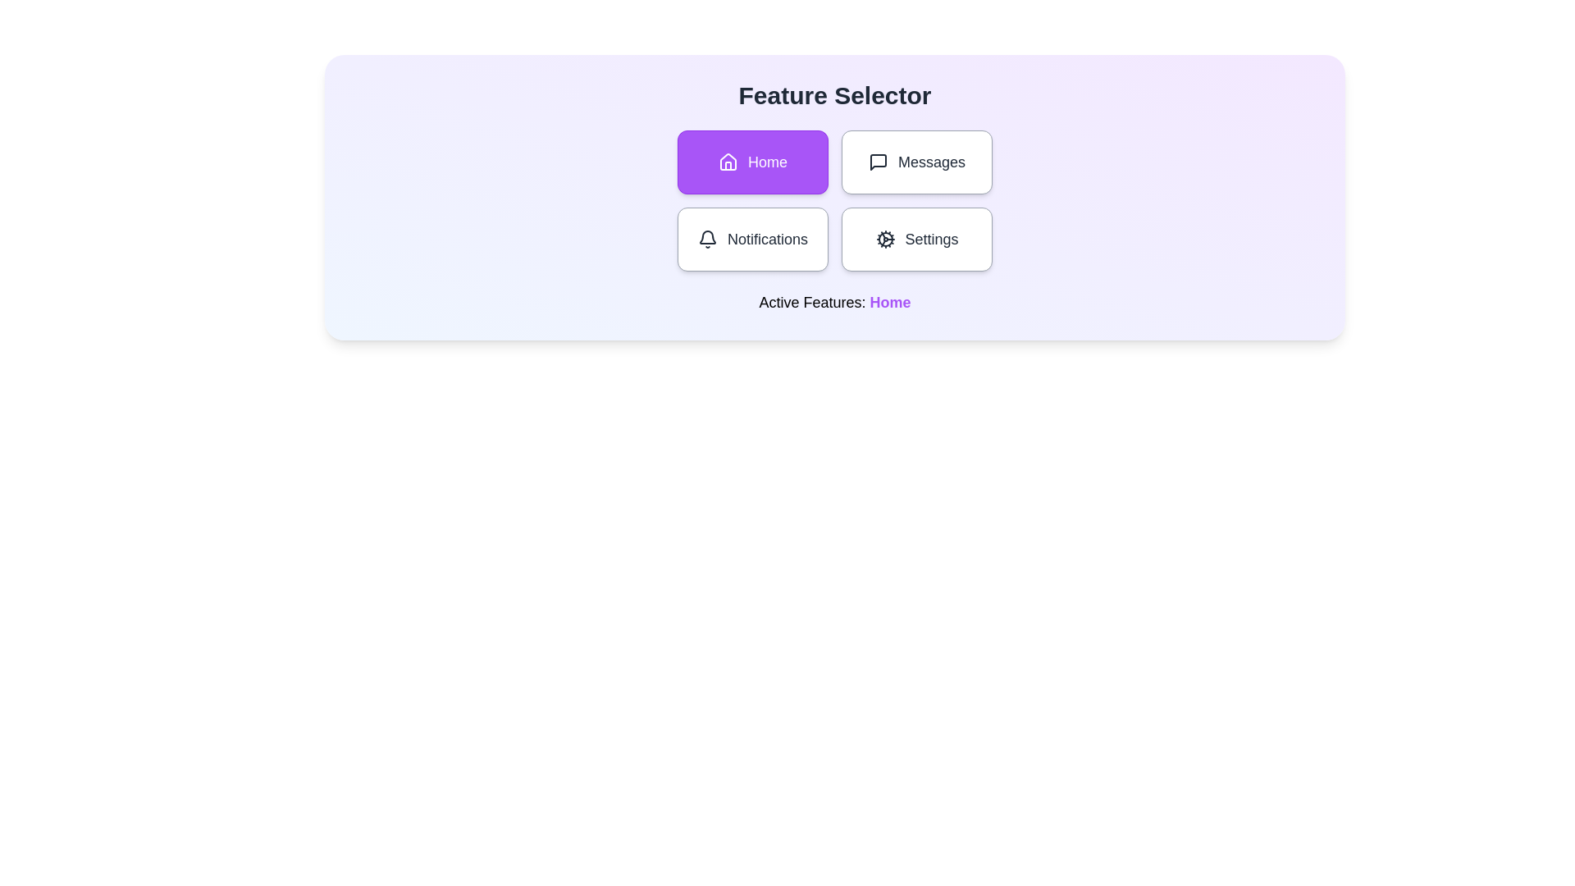  What do you see at coordinates (708, 240) in the screenshot?
I see `the black outline bell icon within the 'Notifications' button` at bounding box center [708, 240].